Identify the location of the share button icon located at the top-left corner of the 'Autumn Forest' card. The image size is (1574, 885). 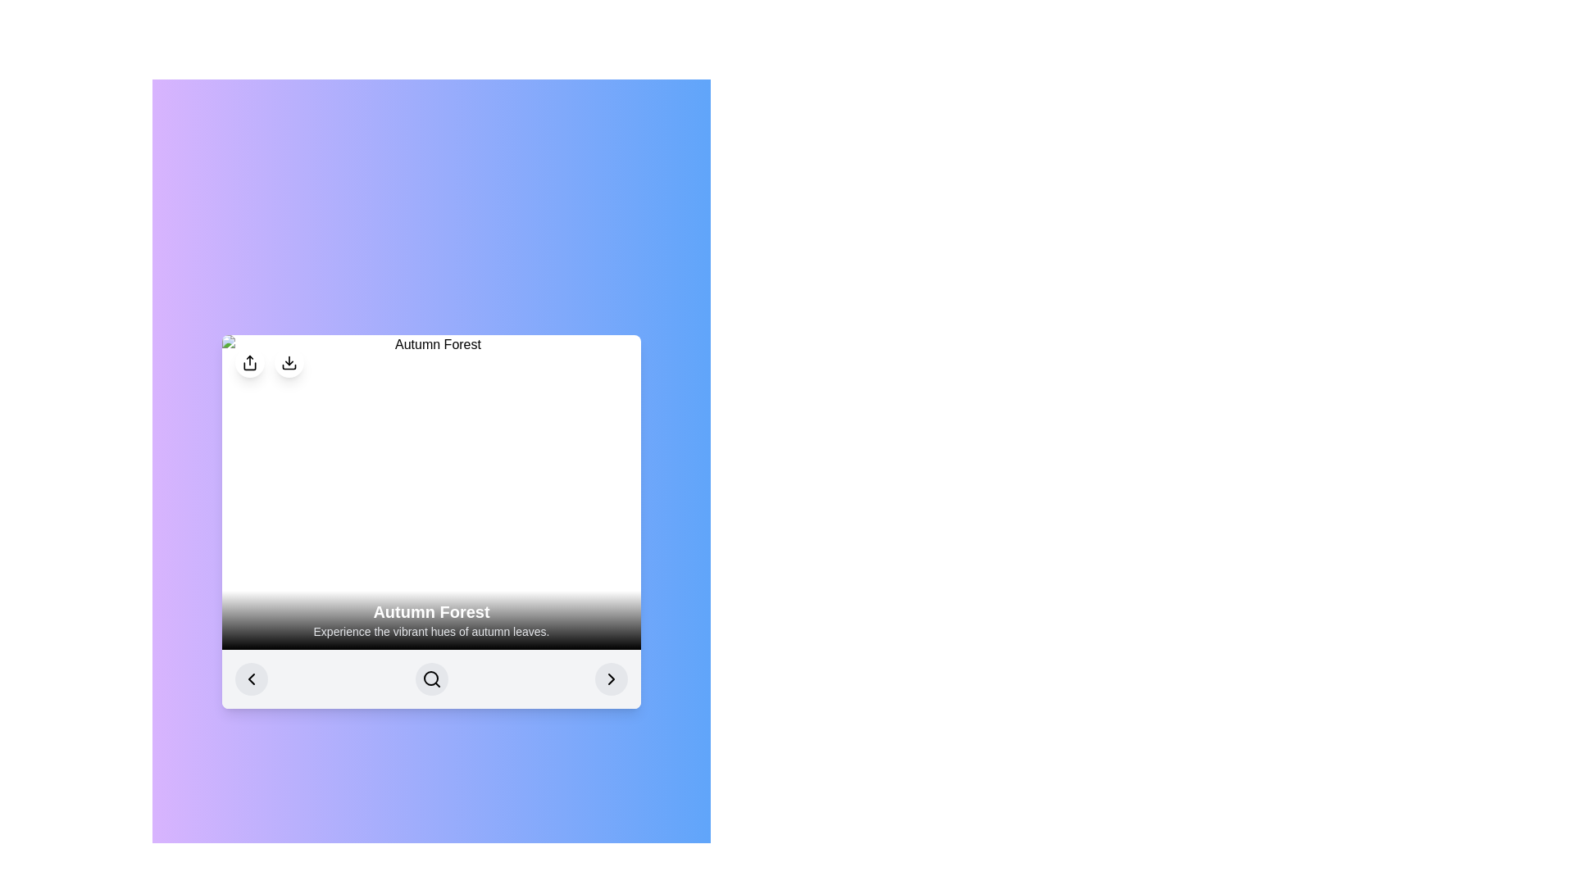
(249, 362).